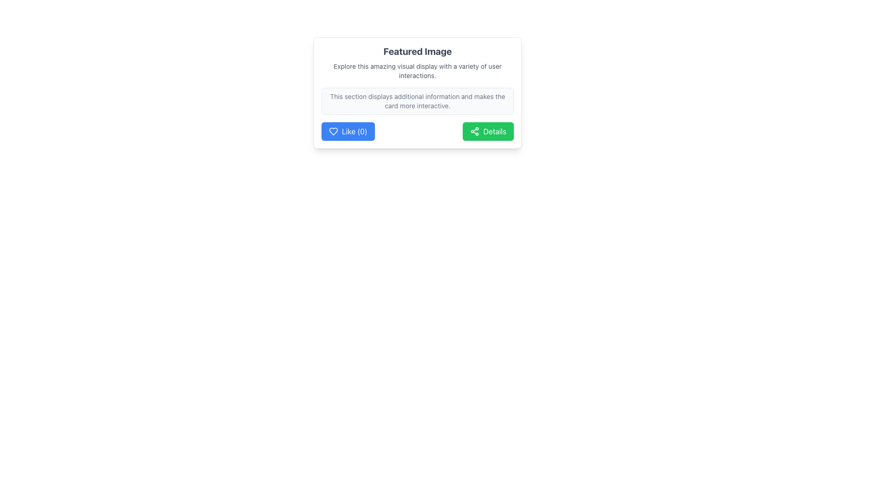  What do you see at coordinates (475, 131) in the screenshot?
I see `the decorative 'share' icon located within the green 'Details' button, positioned to the right below the main card description, and placed to the left of the text label 'Details'` at bounding box center [475, 131].